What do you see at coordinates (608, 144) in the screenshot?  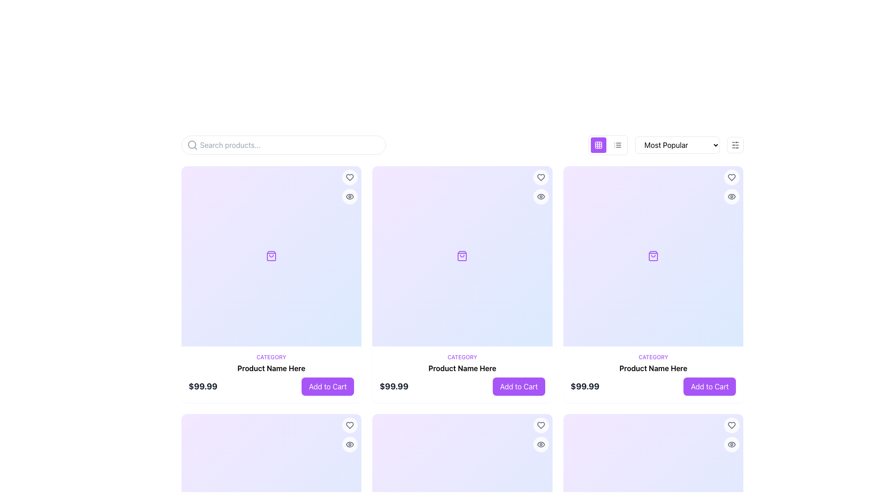 I see `the toggle button group located in the top-right section of the interface, which has a white background and contains a purple grid view button and a light gray list view button` at bounding box center [608, 144].